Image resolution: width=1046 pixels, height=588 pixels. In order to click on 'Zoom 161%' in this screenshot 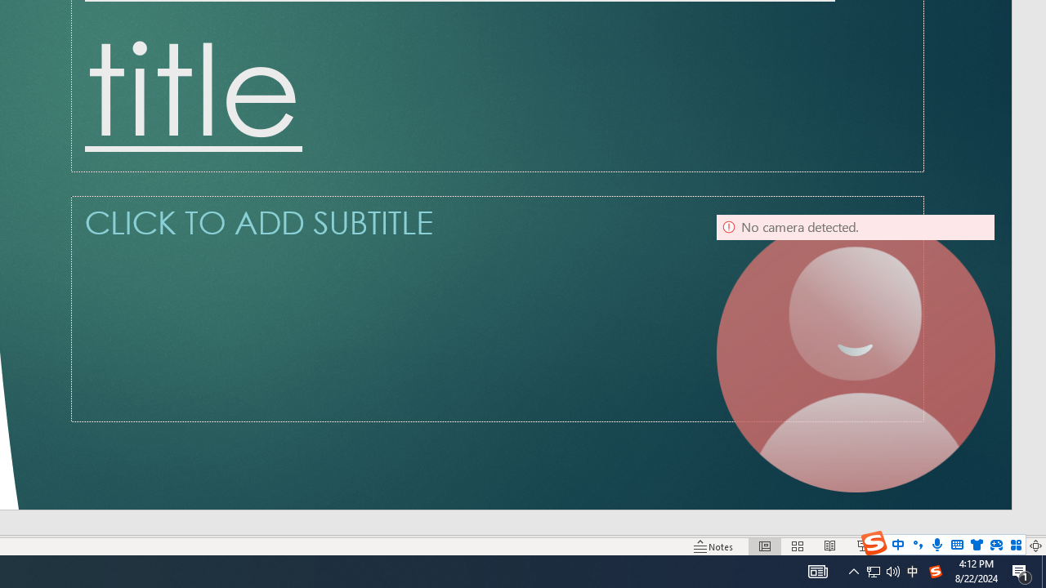, I will do `click(1008, 546)`.